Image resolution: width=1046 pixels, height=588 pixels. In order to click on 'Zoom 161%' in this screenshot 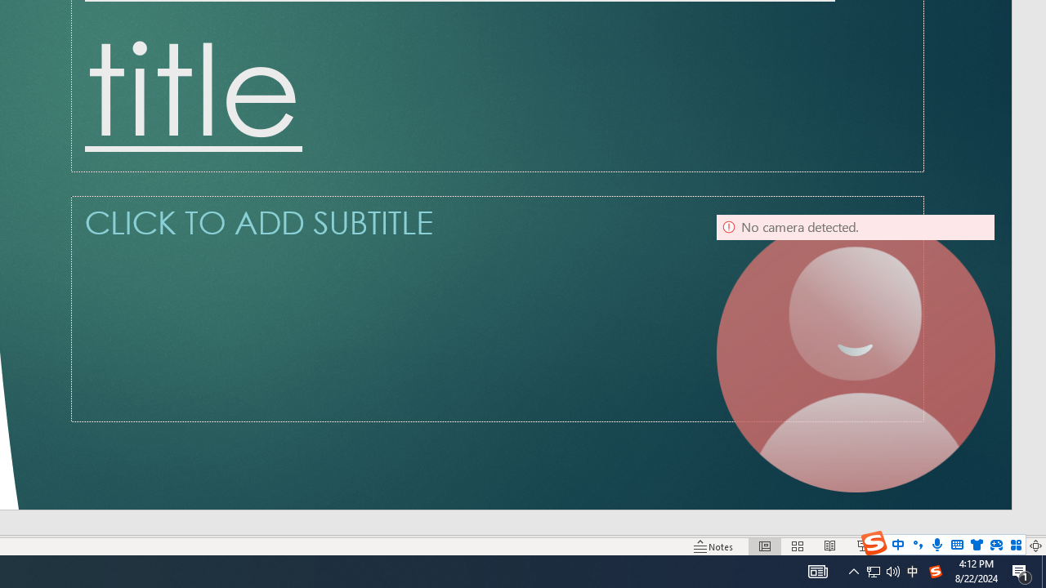, I will do `click(1008, 546)`.